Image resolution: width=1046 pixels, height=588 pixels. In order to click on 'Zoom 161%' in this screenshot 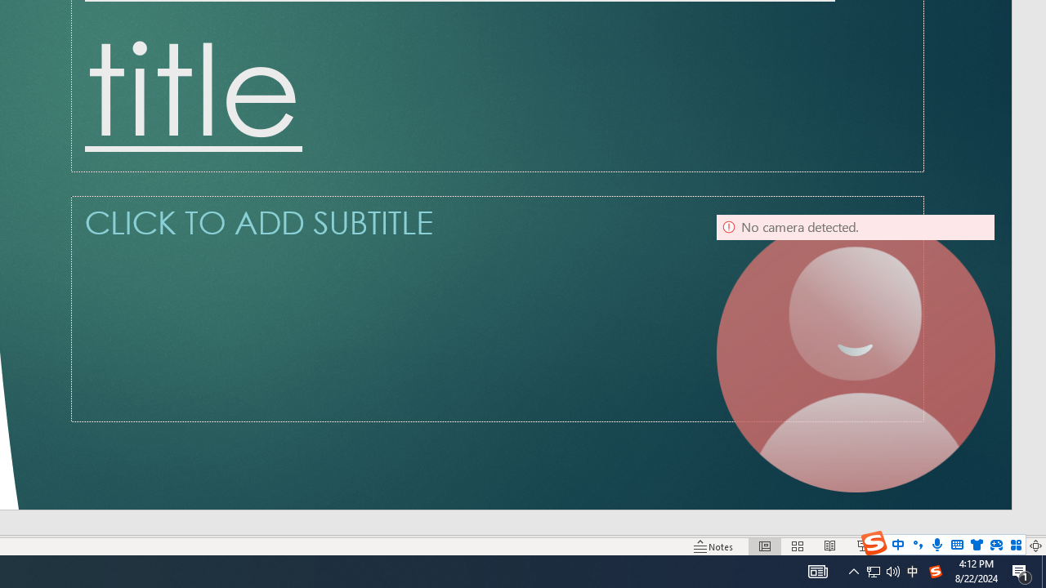, I will do `click(1008, 546)`.